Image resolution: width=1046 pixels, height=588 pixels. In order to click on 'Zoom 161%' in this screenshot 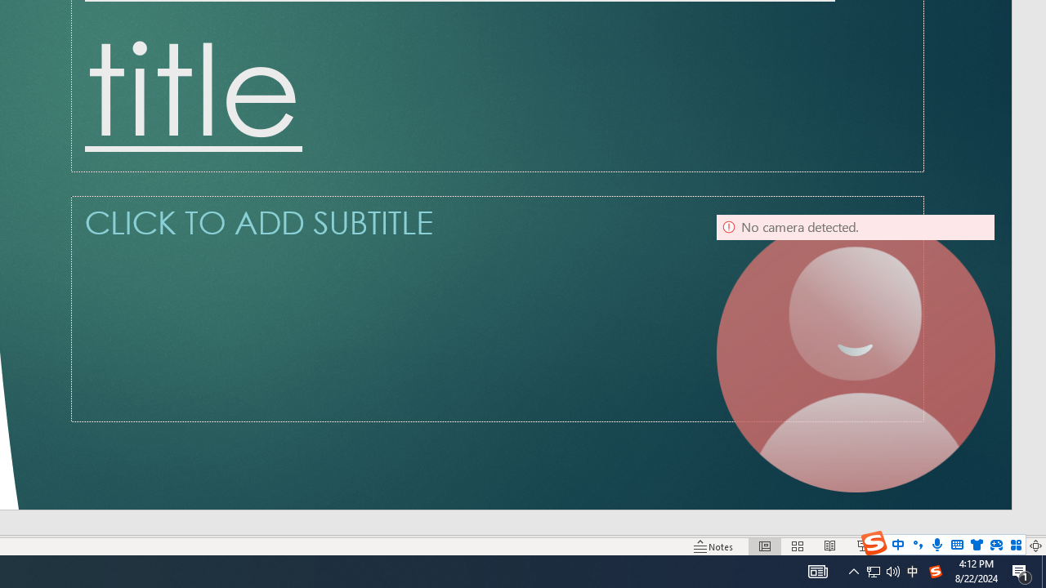, I will do `click(1008, 546)`.